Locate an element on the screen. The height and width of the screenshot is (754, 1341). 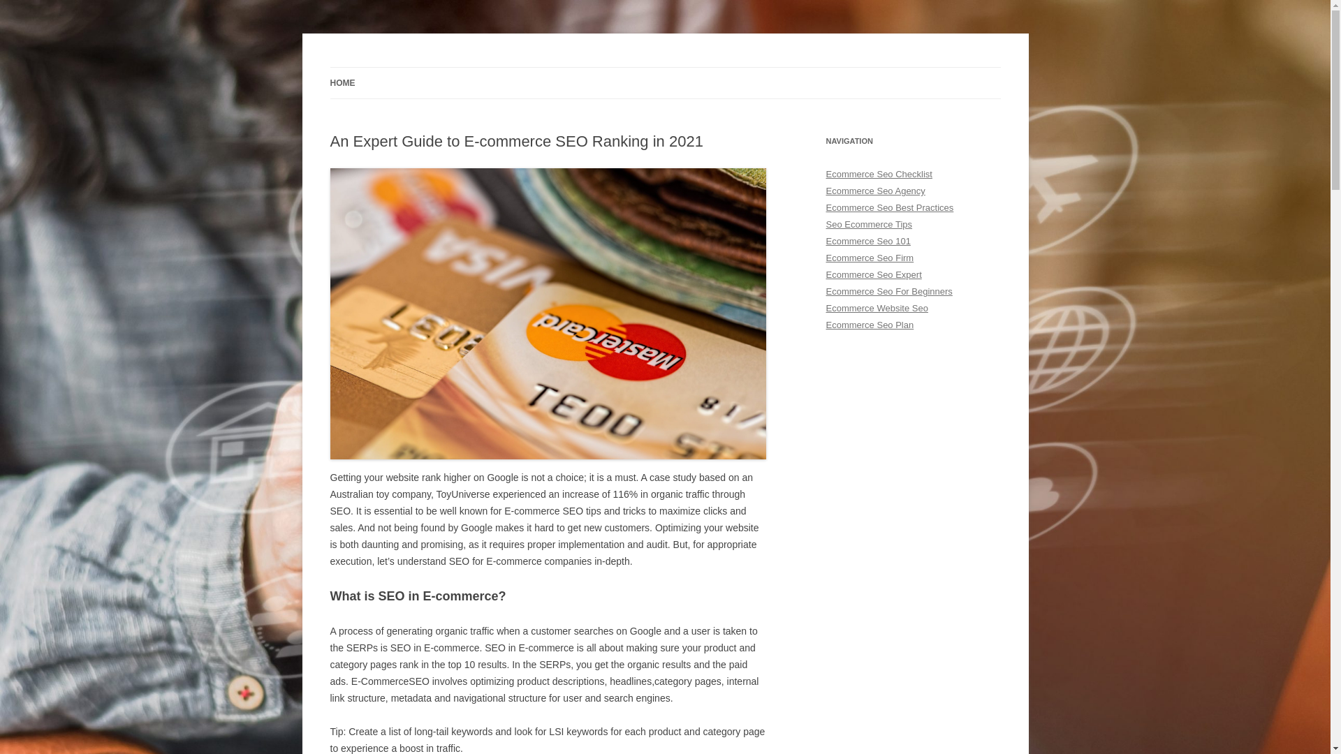
'Ecommerce Seo Agency' is located at coordinates (874, 191).